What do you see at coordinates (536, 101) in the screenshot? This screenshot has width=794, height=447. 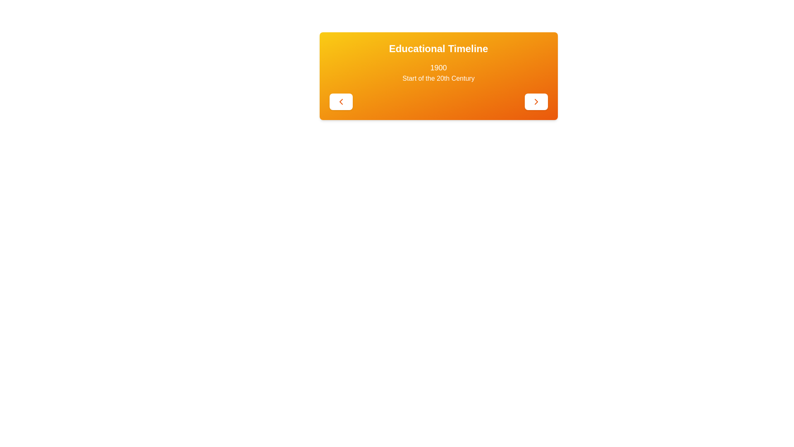 I see `the right-facing chevron icon located inside a white button on the far right side of the orange panel` at bounding box center [536, 101].